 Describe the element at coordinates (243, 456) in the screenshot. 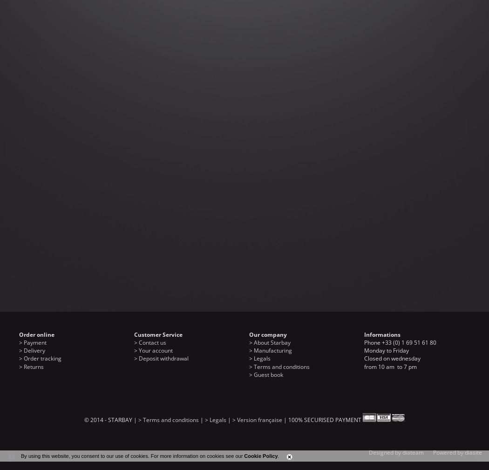

I see `'Cookie Policy'` at that location.